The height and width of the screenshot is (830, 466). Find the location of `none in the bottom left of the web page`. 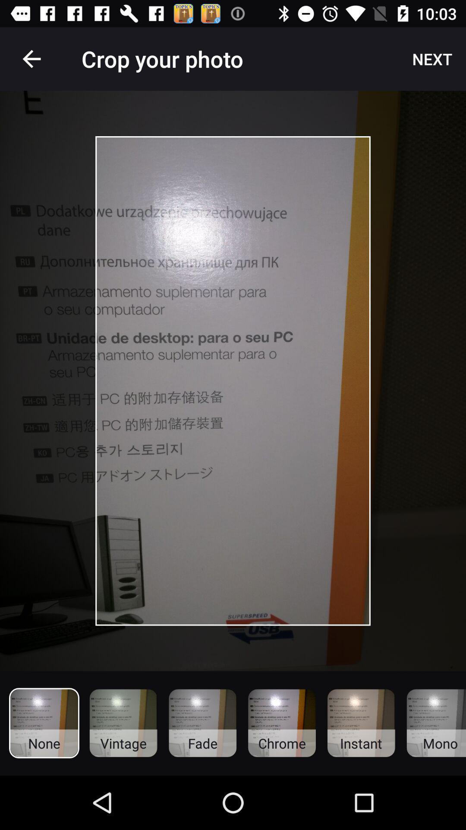

none in the bottom left of the web page is located at coordinates (44, 723).